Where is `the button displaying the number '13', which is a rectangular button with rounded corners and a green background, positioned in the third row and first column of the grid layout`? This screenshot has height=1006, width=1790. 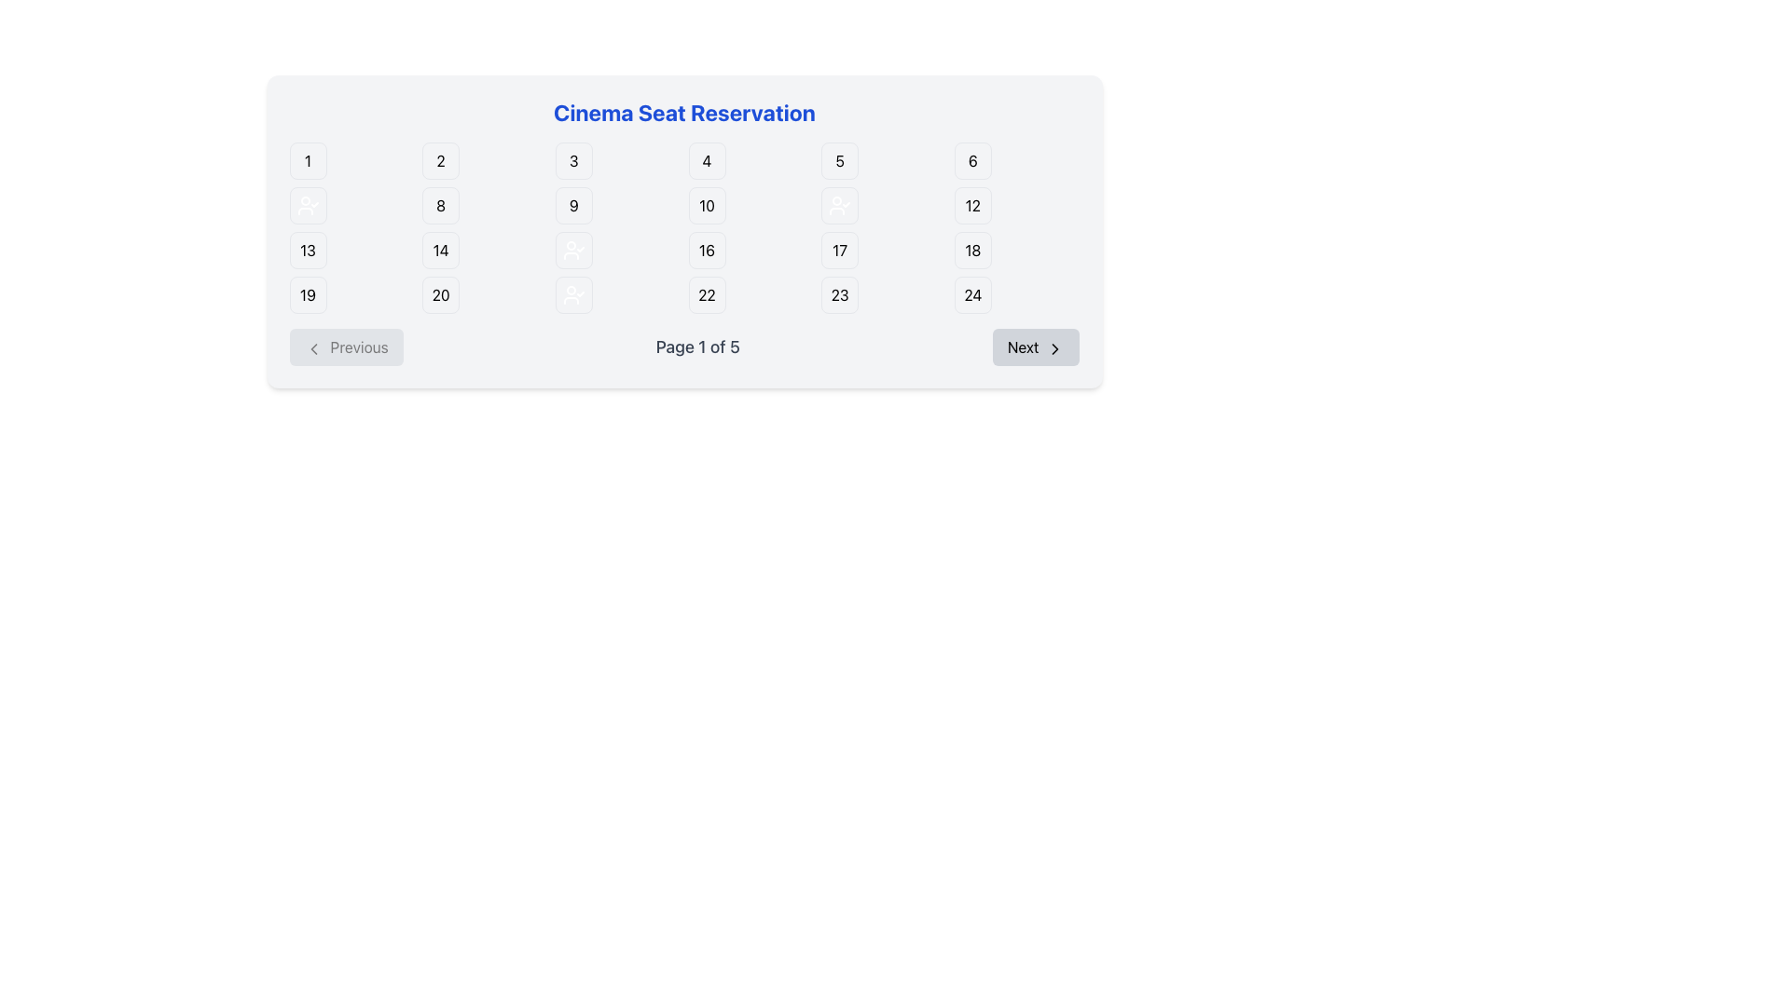 the button displaying the number '13', which is a rectangular button with rounded corners and a green background, positioned in the third row and first column of the grid layout is located at coordinates (308, 250).